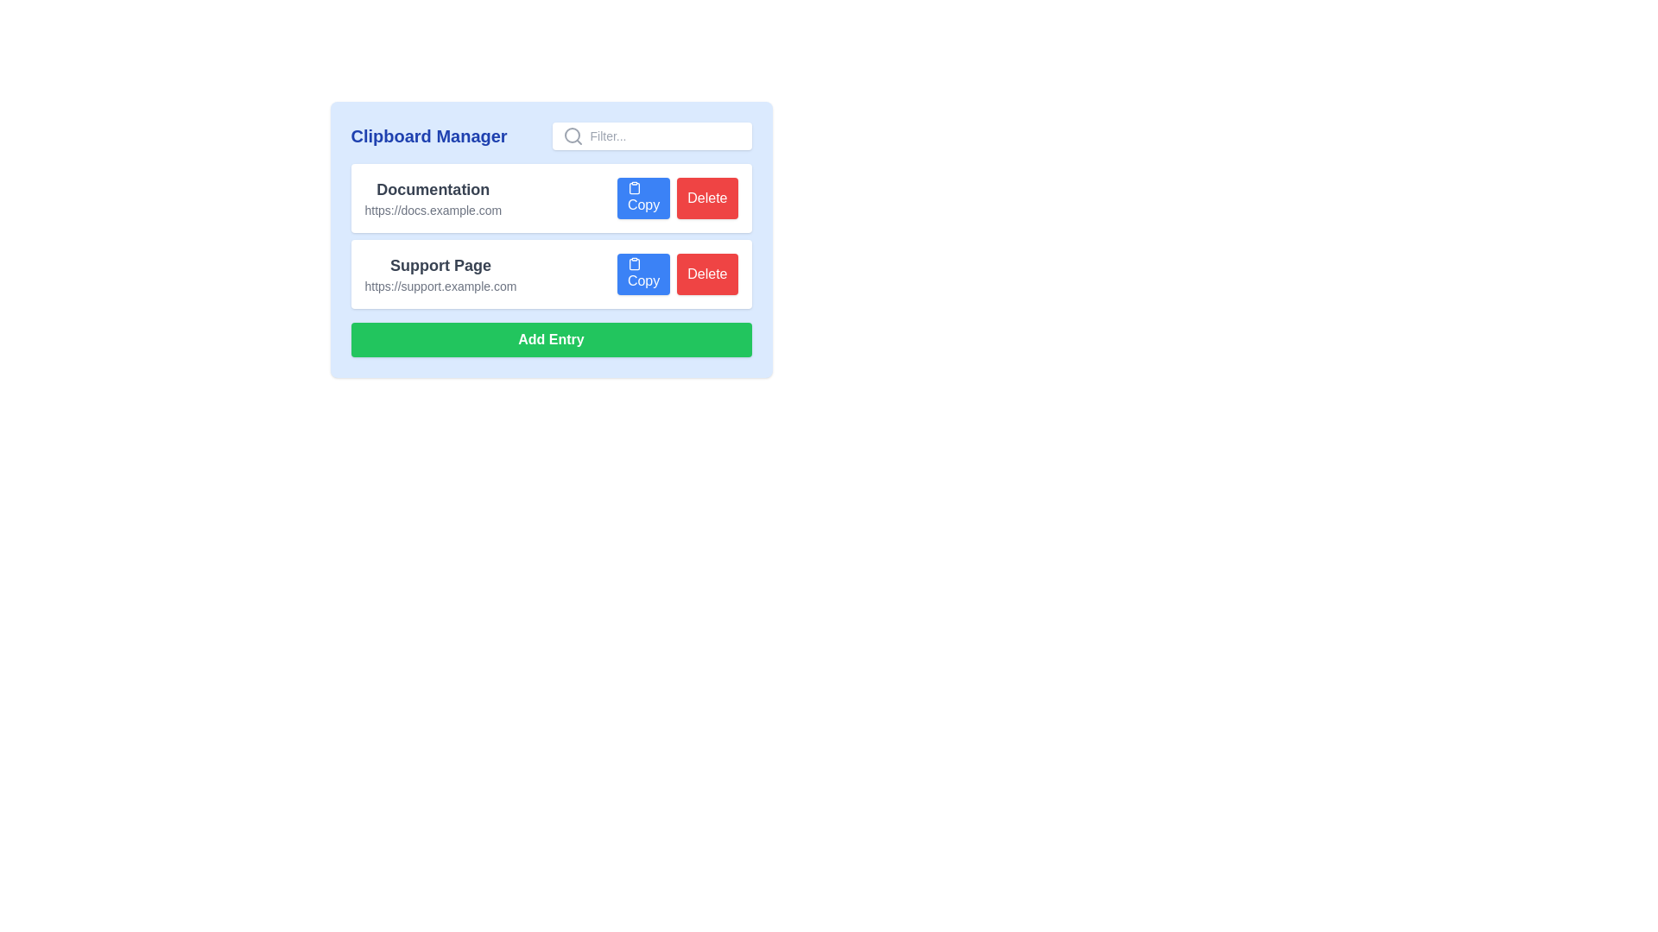 This screenshot has width=1658, height=932. Describe the element at coordinates (642, 273) in the screenshot. I see `the blue 'Copy' button located to the right of the 'Support Page' entry to copy the associated content` at that location.